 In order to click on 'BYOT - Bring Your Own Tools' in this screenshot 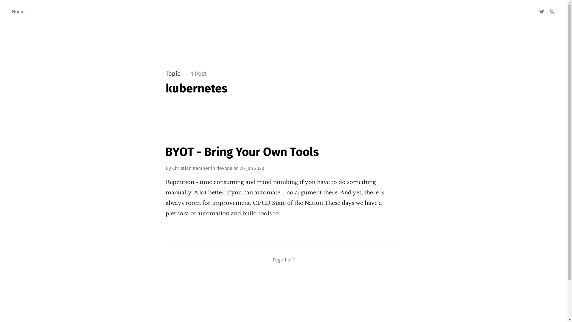, I will do `click(242, 151)`.